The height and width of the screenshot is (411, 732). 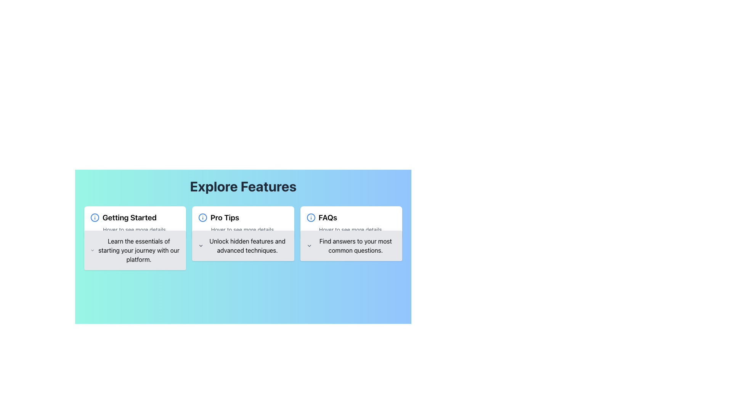 What do you see at coordinates (203, 217) in the screenshot?
I see `the circular icon background with a blue border and white fill, located inside the SVG graphical object to the left of the 'Getting Started' text` at bounding box center [203, 217].